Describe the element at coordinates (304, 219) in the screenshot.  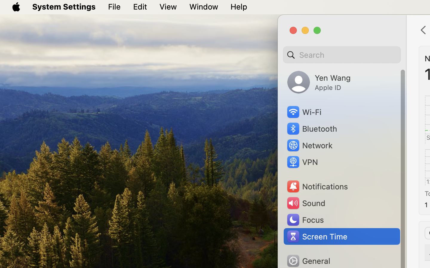
I see `'Focus'` at that location.